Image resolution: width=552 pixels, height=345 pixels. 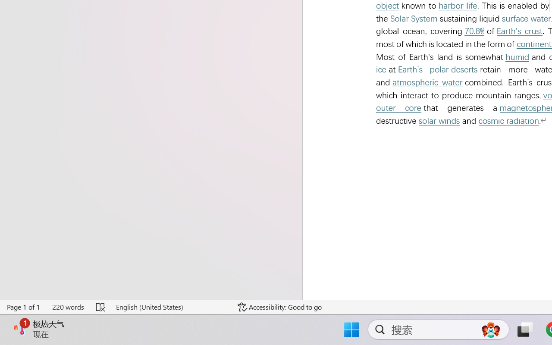 What do you see at coordinates (526, 18) in the screenshot?
I see `'surface water'` at bounding box center [526, 18].